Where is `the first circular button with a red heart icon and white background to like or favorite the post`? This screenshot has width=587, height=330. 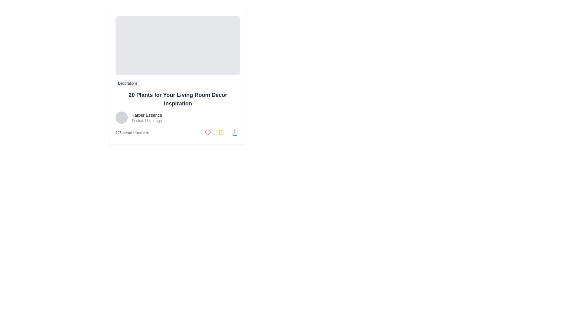 the first circular button with a red heart icon and white background to like or favorite the post is located at coordinates (208, 133).